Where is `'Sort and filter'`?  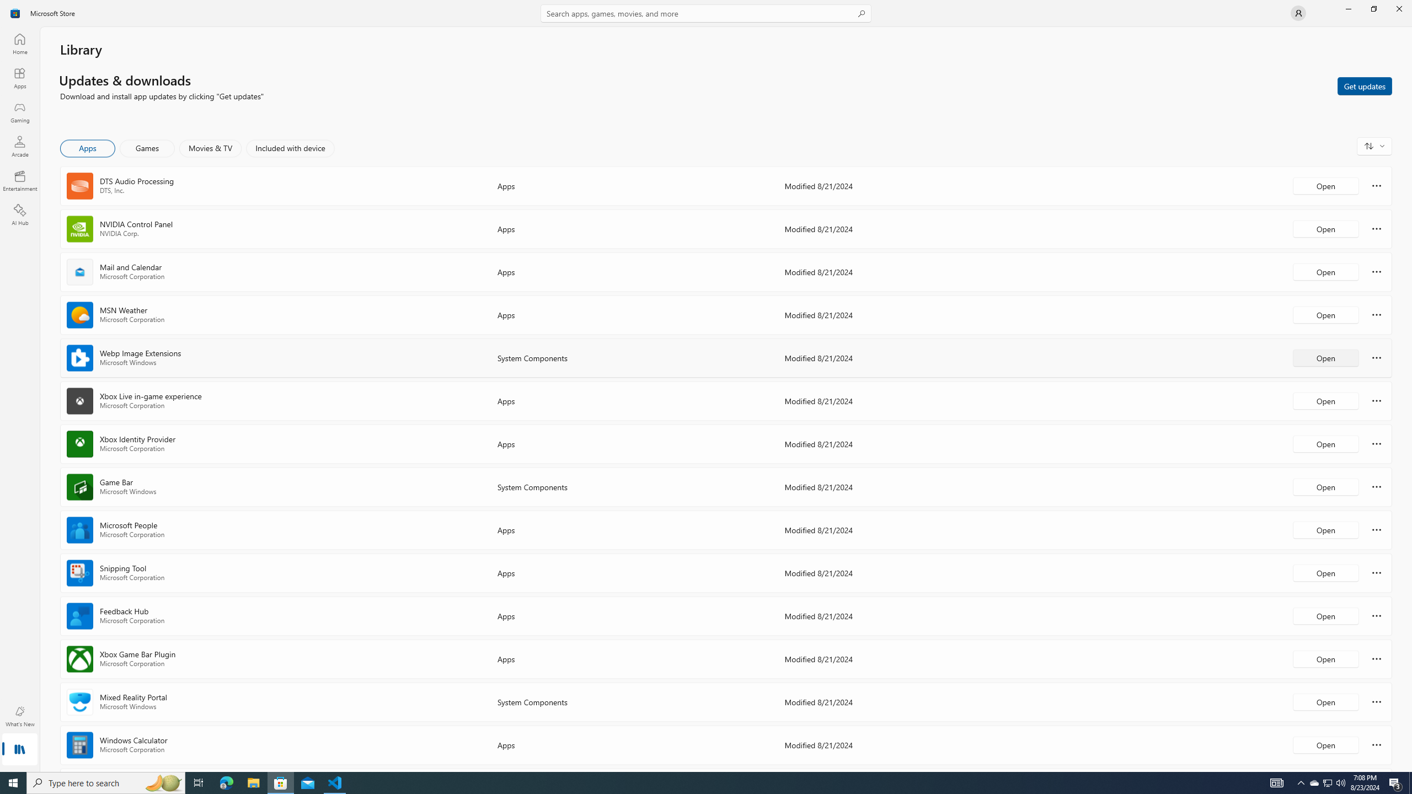 'Sort and filter' is located at coordinates (1374, 146).